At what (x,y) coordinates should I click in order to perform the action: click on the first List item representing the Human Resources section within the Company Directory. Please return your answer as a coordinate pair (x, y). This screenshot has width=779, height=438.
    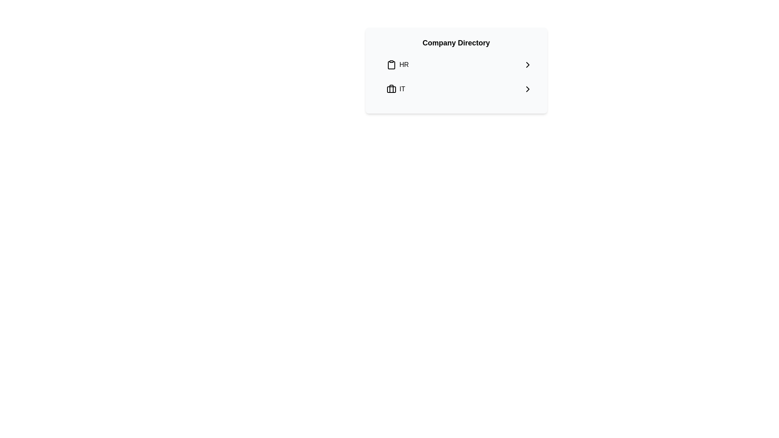
    Looking at the image, I should click on (397, 64).